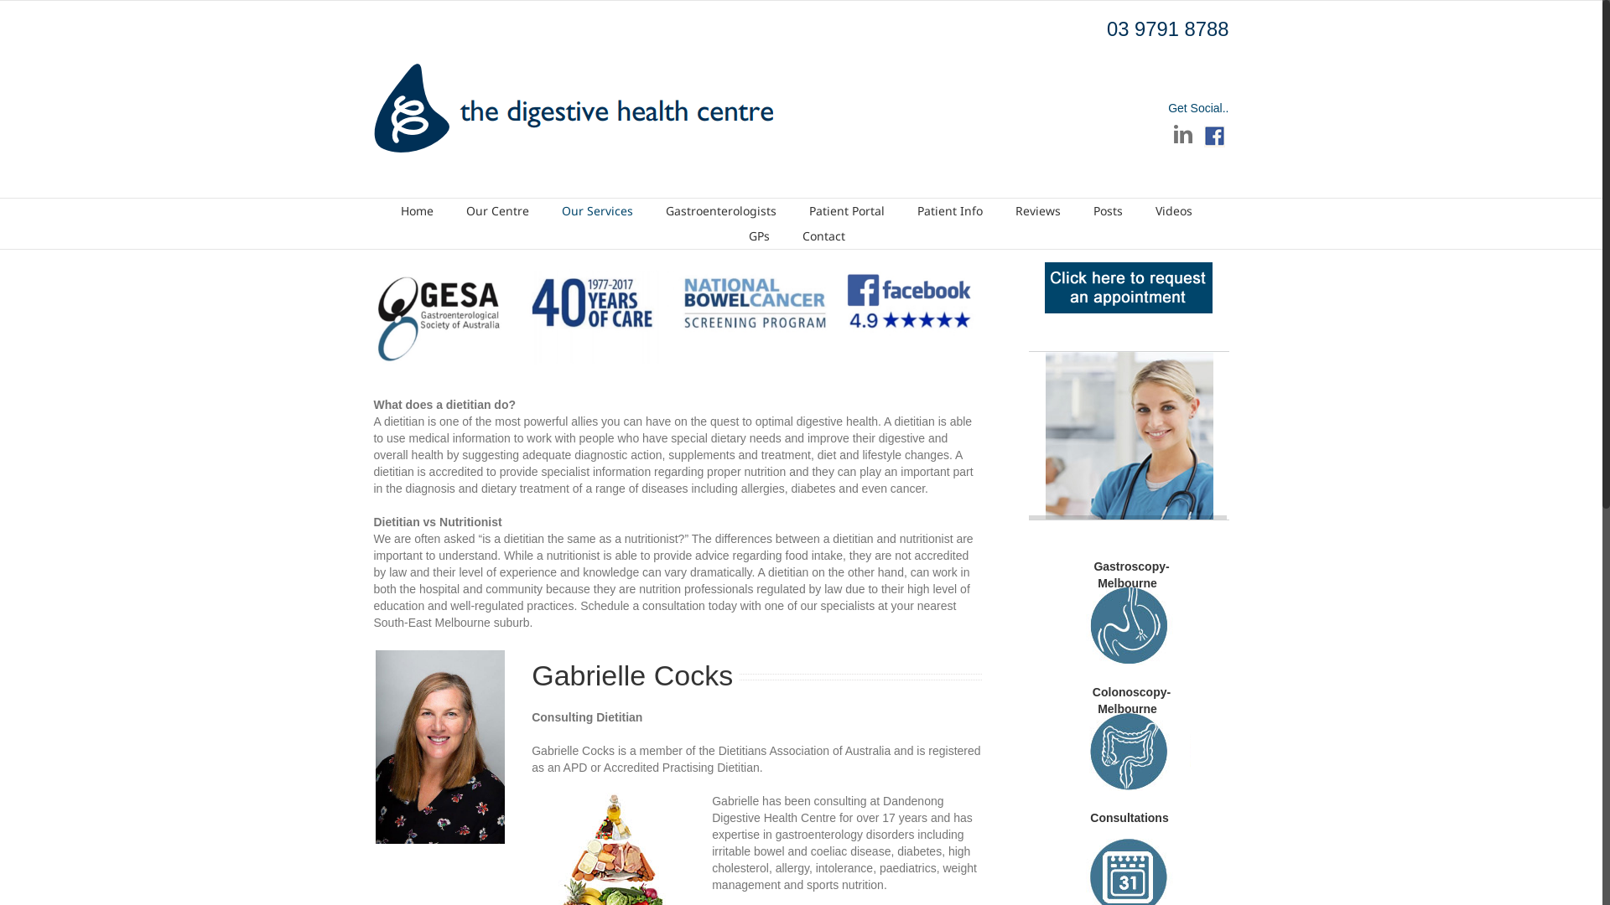 Image resolution: width=1610 pixels, height=905 pixels. What do you see at coordinates (1093, 209) in the screenshot?
I see `'Posts'` at bounding box center [1093, 209].